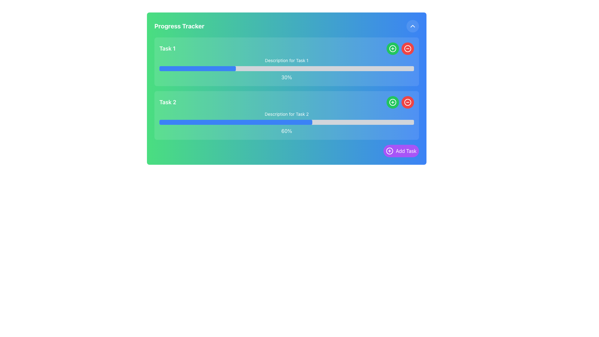 The height and width of the screenshot is (337, 599). I want to click on the circular green button with a white plus symbol located to the right of the task progress bar for 'Task 1', so click(392, 48).